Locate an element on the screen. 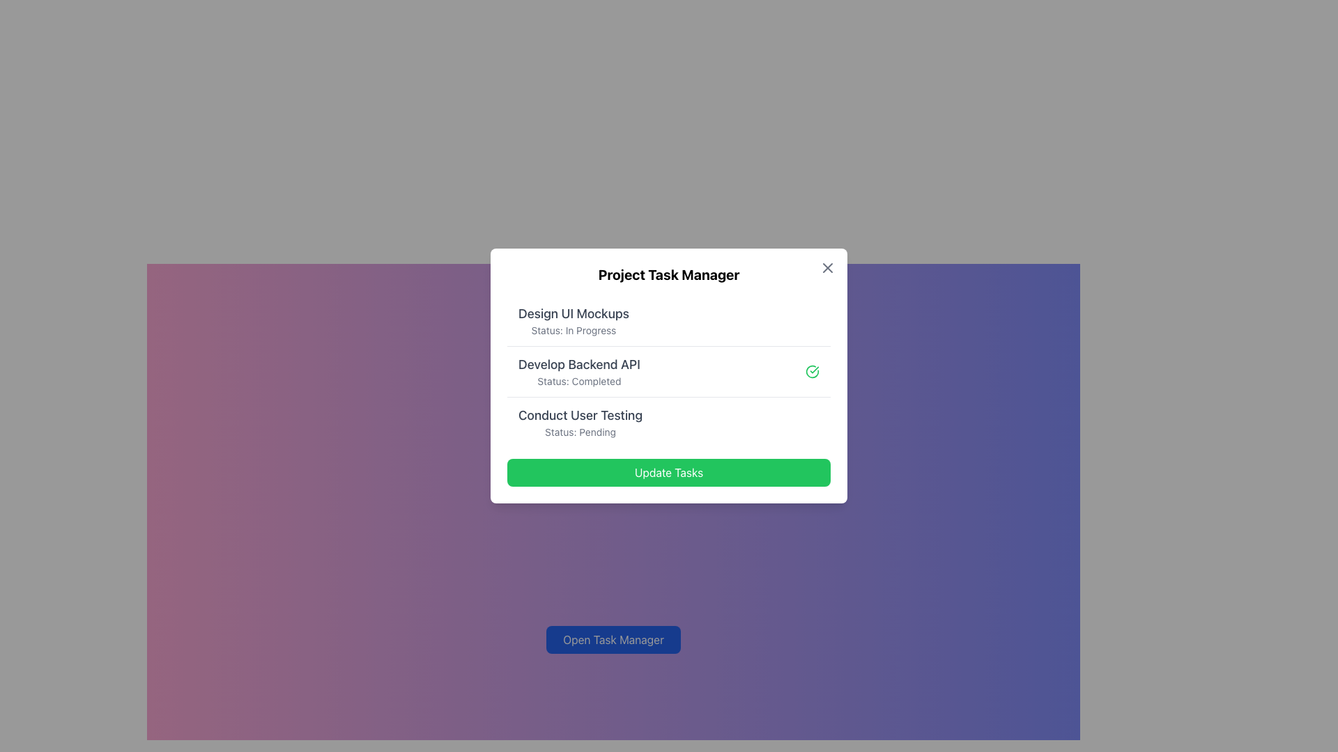  information displayed in the third task item of the 'Project Task Manager' modal, which shows the task title and its status is located at coordinates (580, 421).